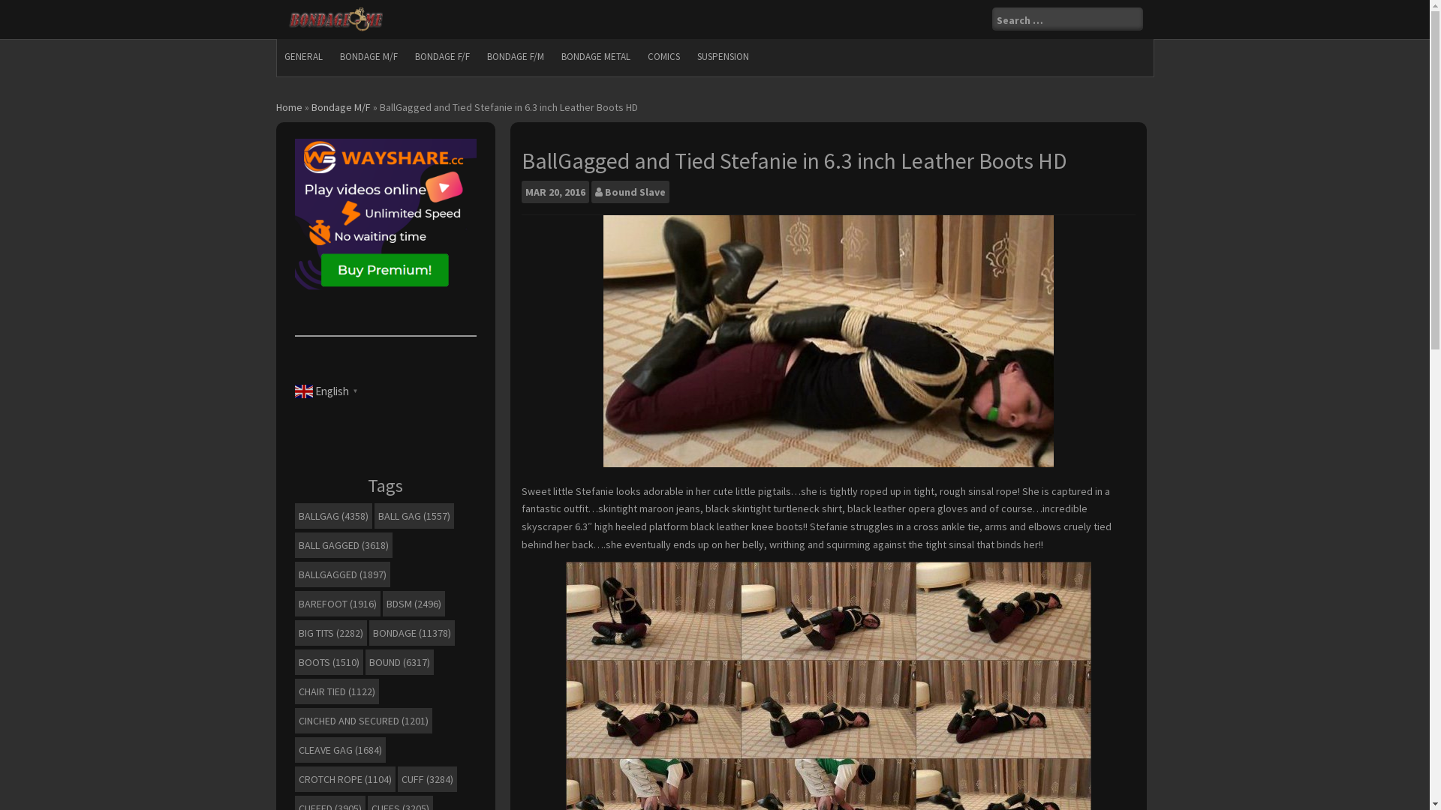 This screenshot has width=1441, height=810. What do you see at coordinates (276, 106) in the screenshot?
I see `'Home'` at bounding box center [276, 106].